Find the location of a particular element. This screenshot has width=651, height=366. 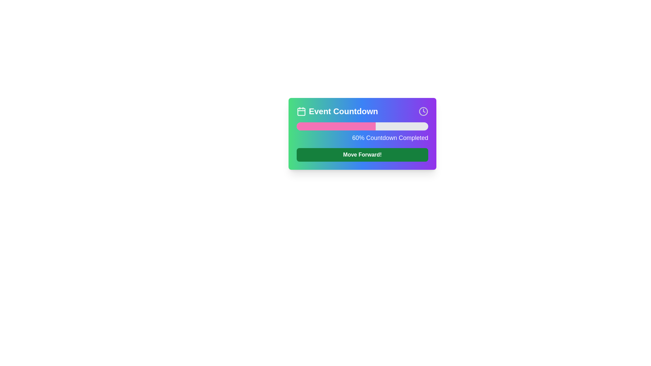

the 'Event Countdown' text header, which is bold, white, and located at the top of a rectangular card, positioned between a calendar icon and a clock icon is located at coordinates (337, 111).